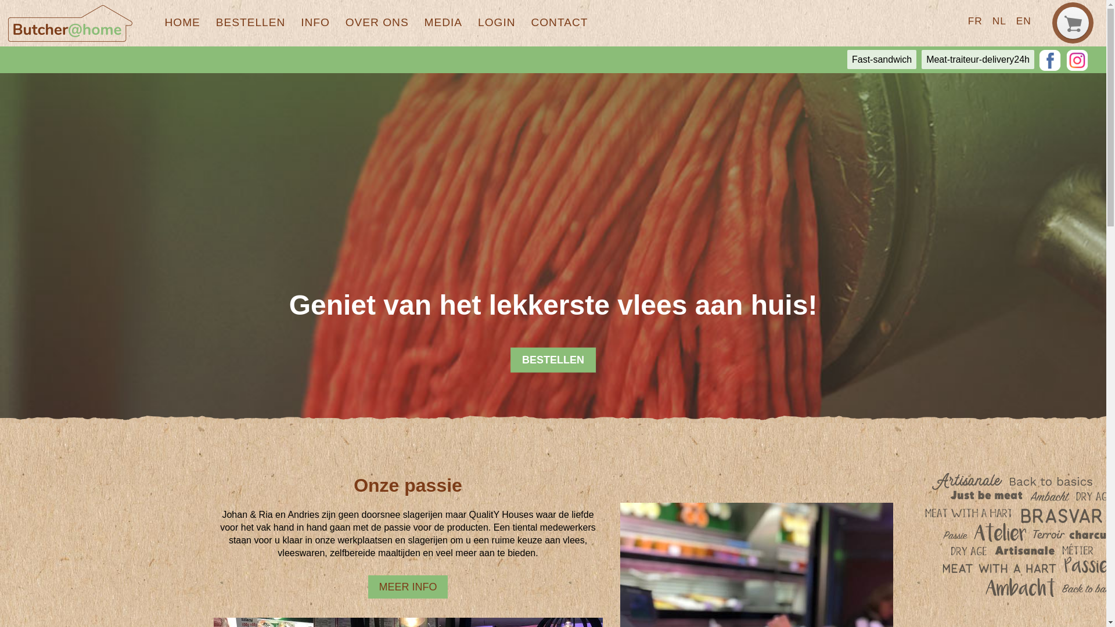  What do you see at coordinates (998, 20) in the screenshot?
I see `'NL'` at bounding box center [998, 20].